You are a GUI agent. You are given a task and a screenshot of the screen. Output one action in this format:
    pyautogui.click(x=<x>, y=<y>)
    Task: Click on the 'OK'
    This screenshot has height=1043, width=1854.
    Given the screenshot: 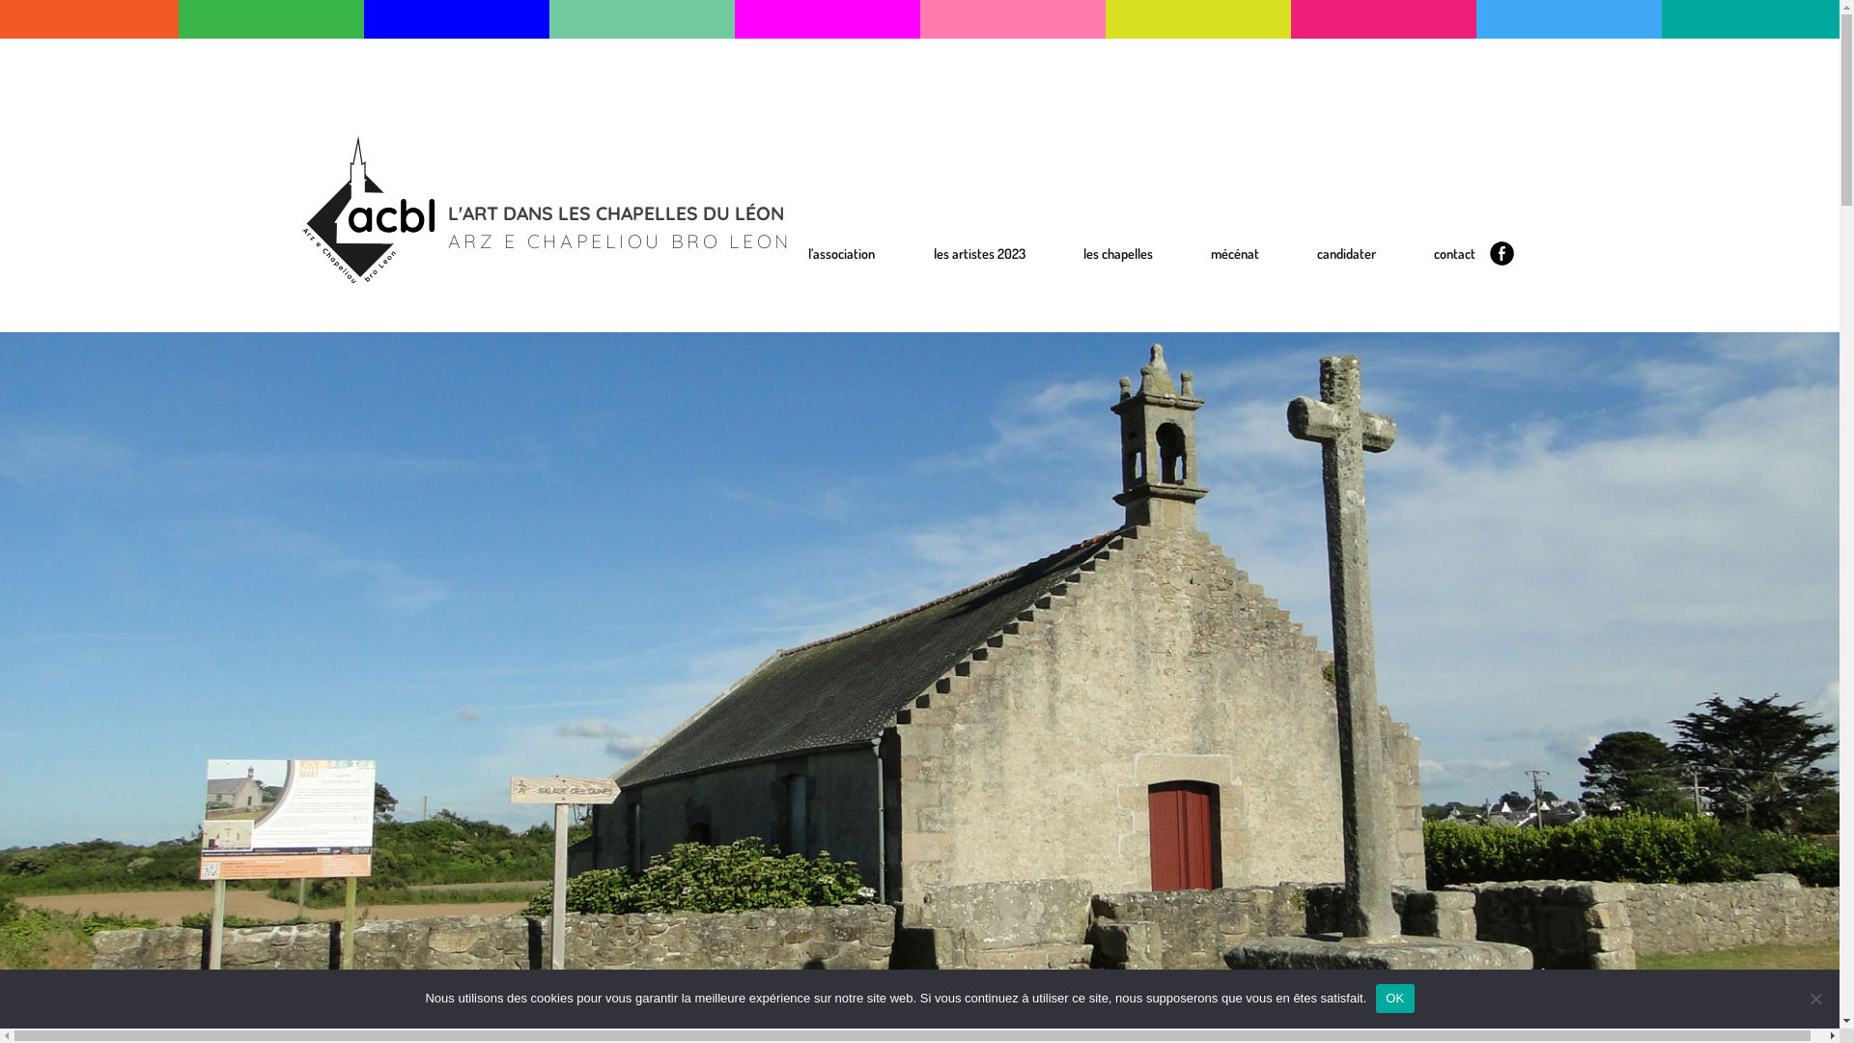 What is the action you would take?
    pyautogui.click(x=1375, y=998)
    